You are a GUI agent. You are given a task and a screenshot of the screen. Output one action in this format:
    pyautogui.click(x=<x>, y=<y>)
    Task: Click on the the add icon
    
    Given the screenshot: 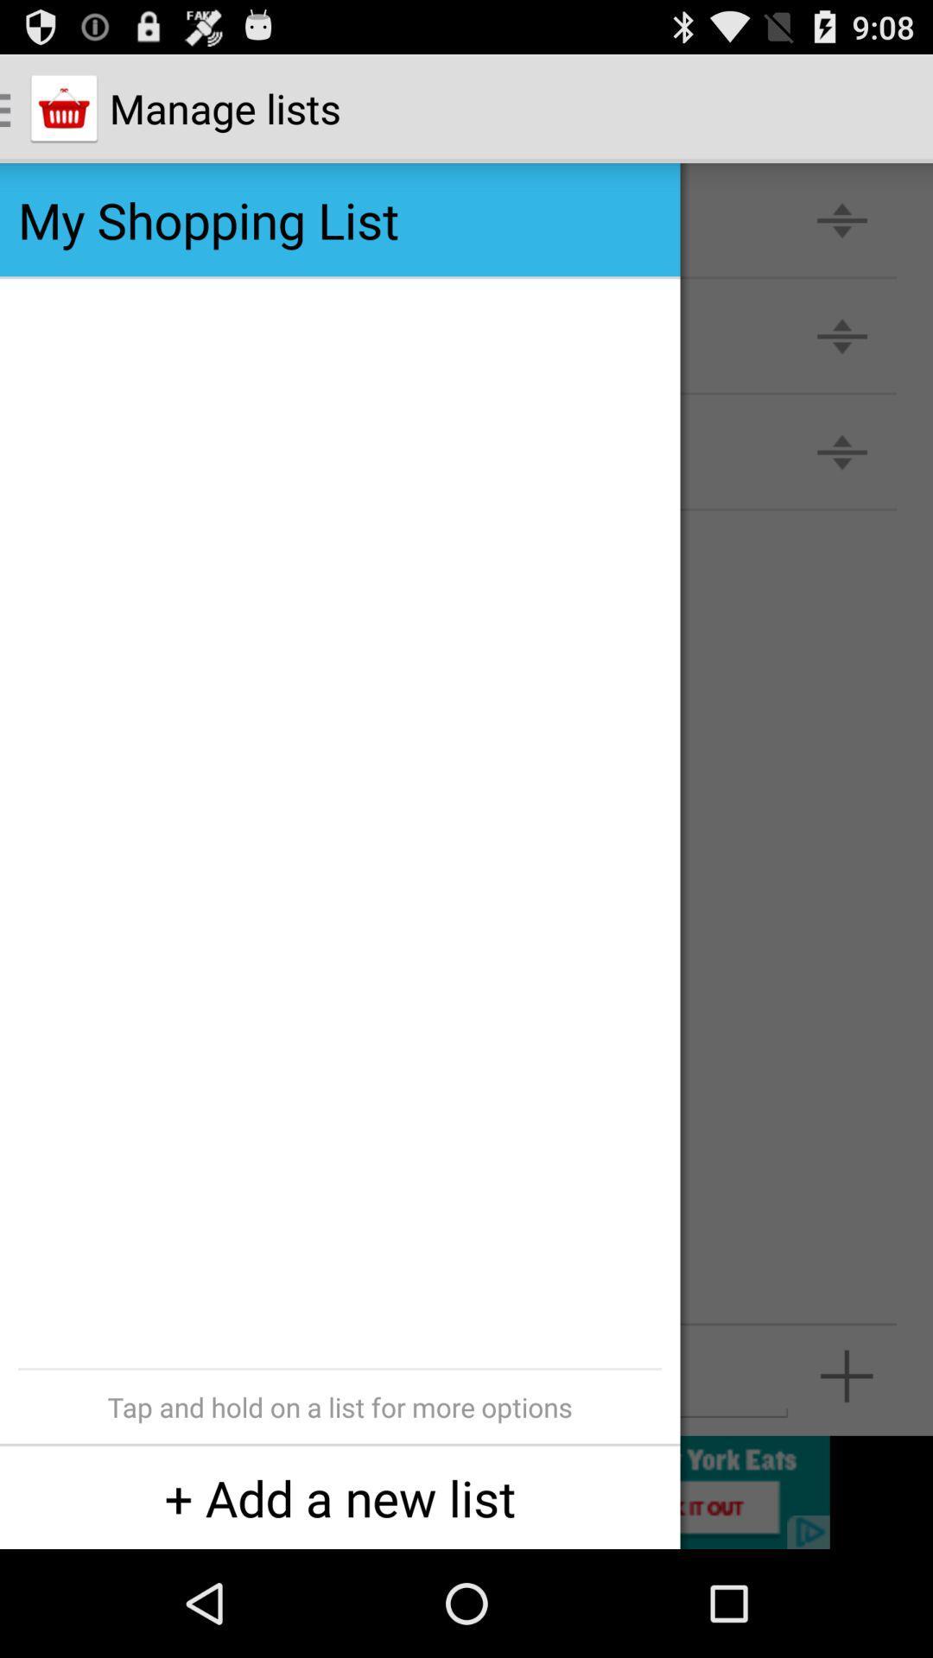 What is the action you would take?
    pyautogui.click(x=846, y=1471)
    